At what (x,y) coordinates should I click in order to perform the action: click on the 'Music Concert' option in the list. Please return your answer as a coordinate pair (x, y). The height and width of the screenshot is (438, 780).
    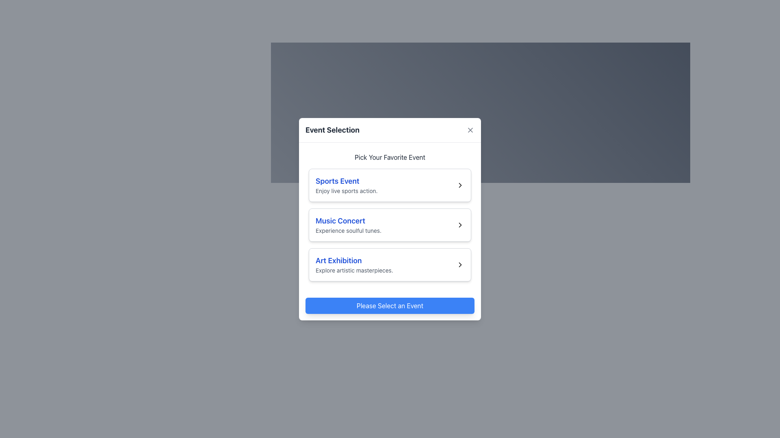
    Looking at the image, I should click on (349, 225).